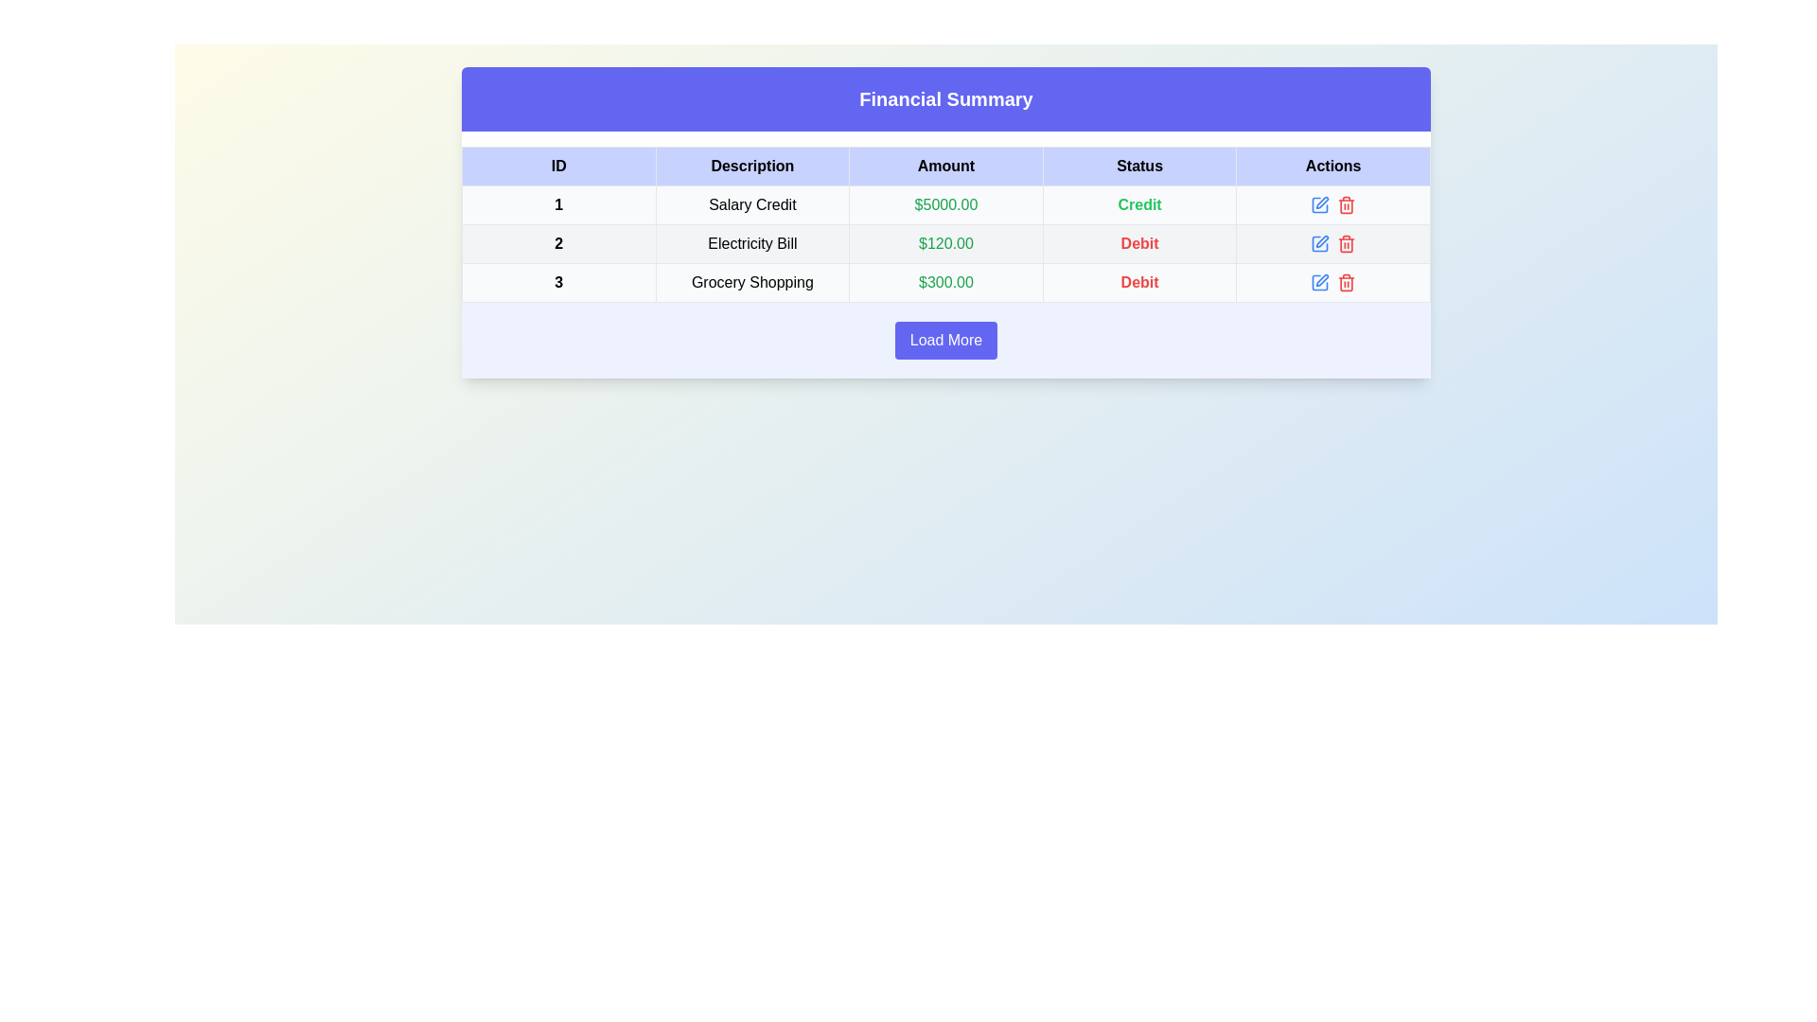 This screenshot has height=1022, width=1817. I want to click on keyboard navigation, so click(1332, 204).